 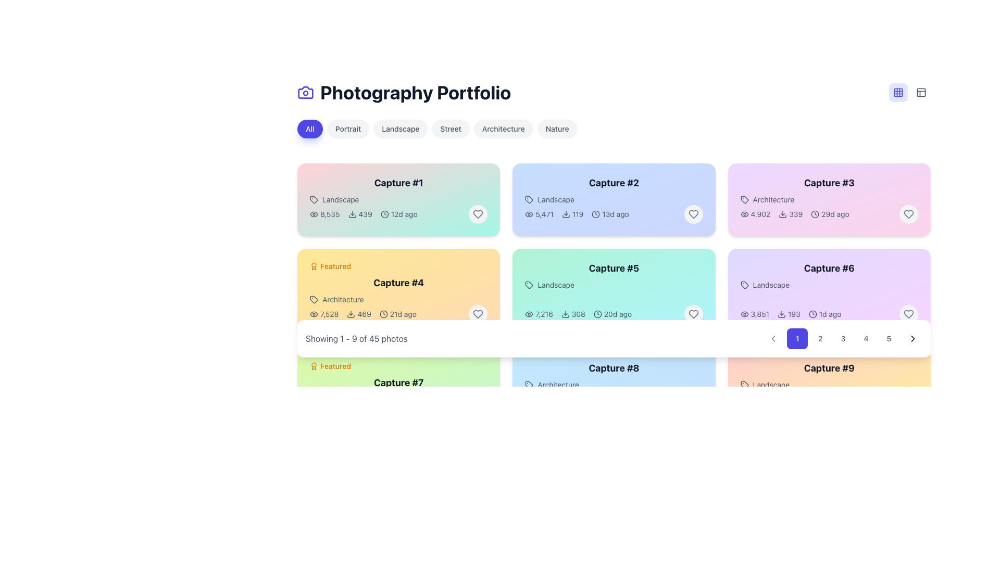 What do you see at coordinates (577, 214) in the screenshot?
I see `the download count display located in the 'Capture #2' card in the second column of the first row on the 'Photography Portfolio' interface` at bounding box center [577, 214].